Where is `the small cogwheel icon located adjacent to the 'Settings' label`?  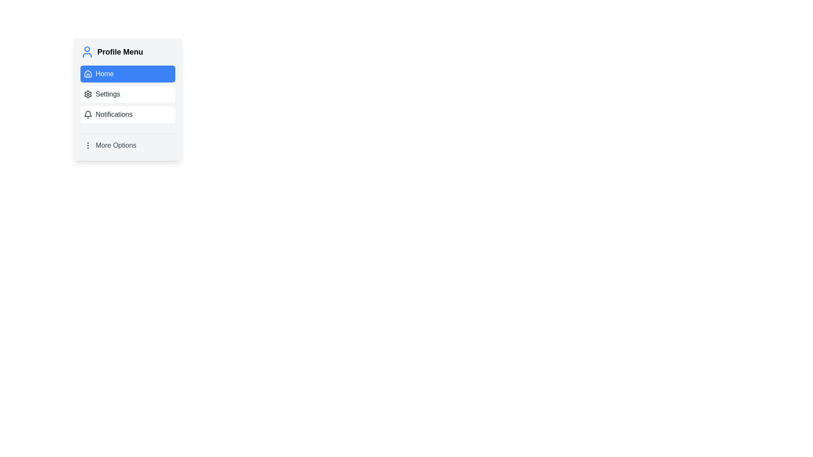
the small cogwheel icon located adjacent to the 'Settings' label is located at coordinates (88, 94).